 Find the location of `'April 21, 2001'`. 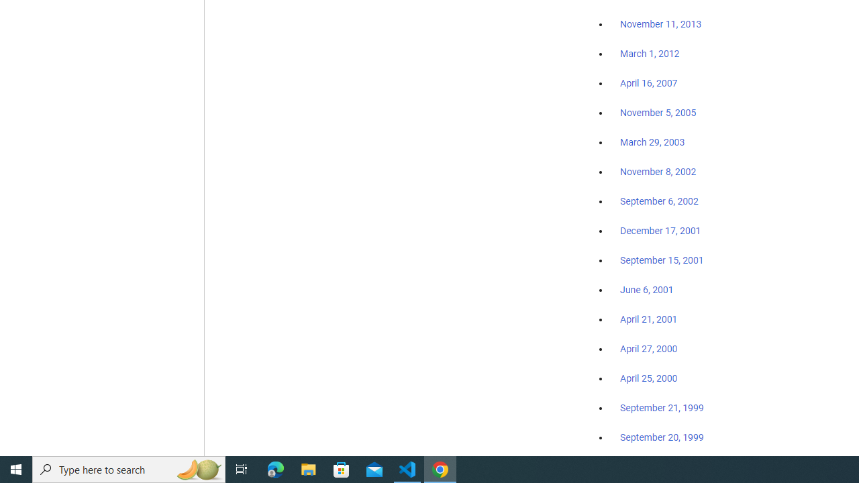

'April 21, 2001' is located at coordinates (649, 319).